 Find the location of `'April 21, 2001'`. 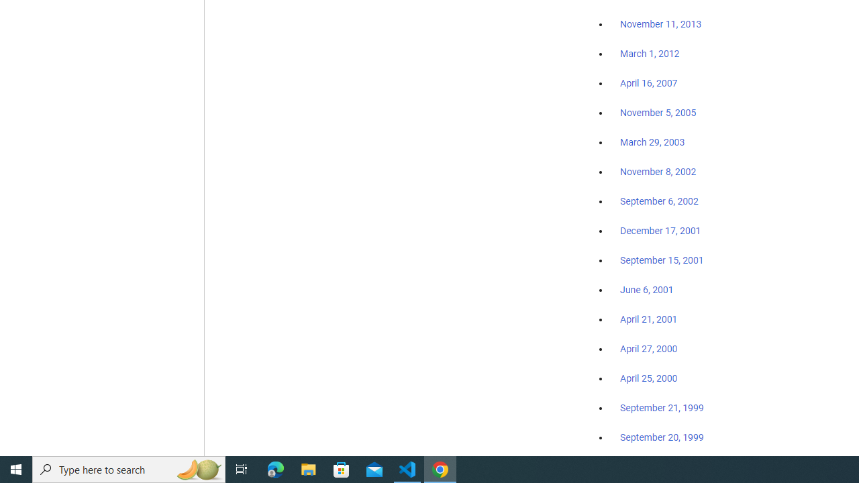

'April 21, 2001' is located at coordinates (649, 319).